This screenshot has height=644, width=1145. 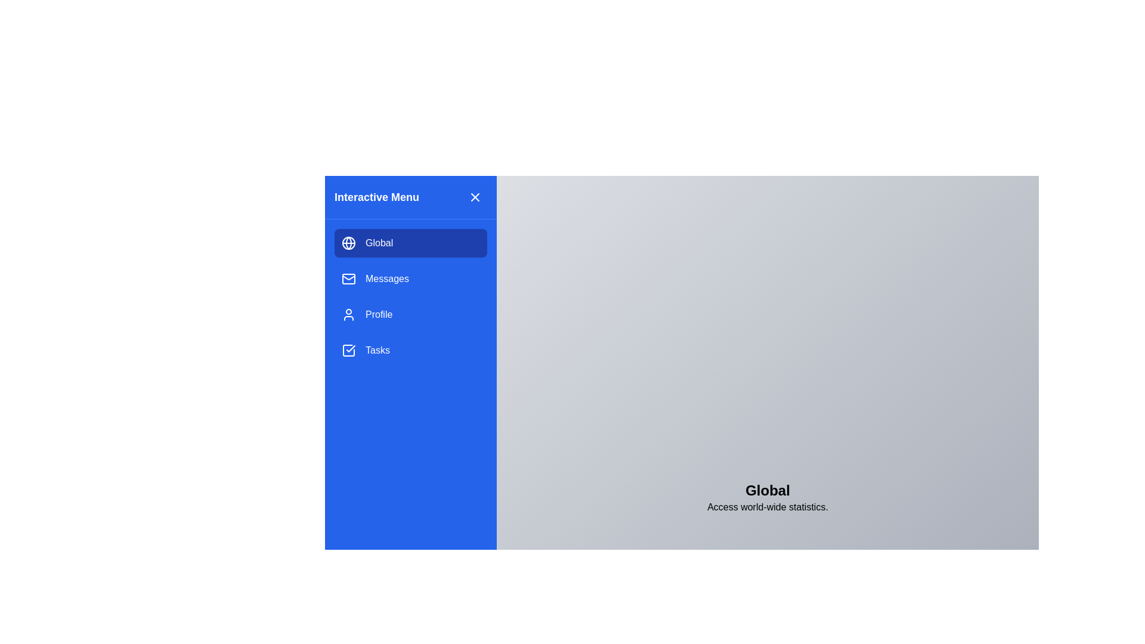 I want to click on the Icon component representing 'Tasks' located in the fourth row of the menu to visually identify the associated item, so click(x=348, y=349).